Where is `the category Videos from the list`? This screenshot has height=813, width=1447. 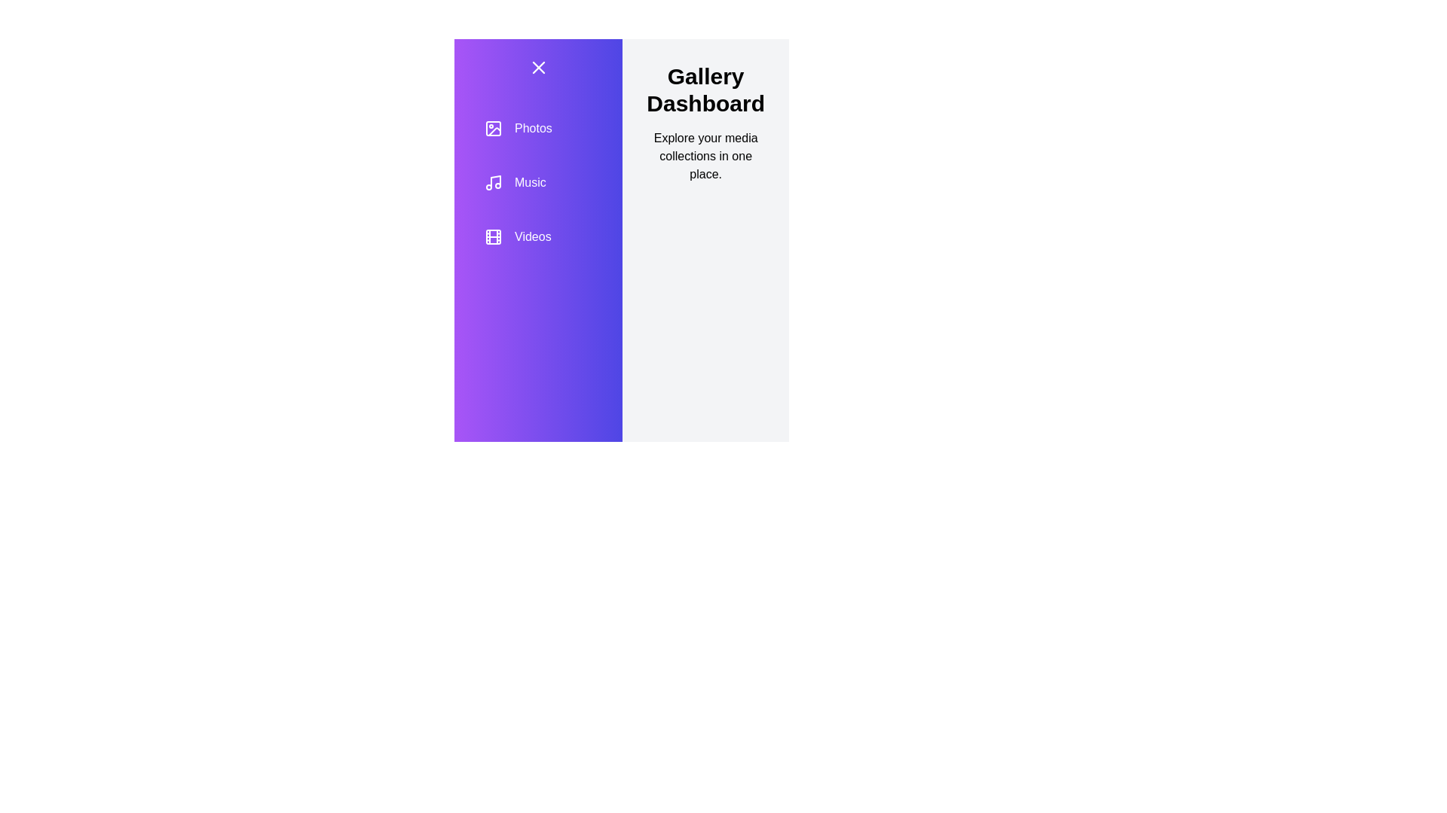
the category Videos from the list is located at coordinates (538, 237).